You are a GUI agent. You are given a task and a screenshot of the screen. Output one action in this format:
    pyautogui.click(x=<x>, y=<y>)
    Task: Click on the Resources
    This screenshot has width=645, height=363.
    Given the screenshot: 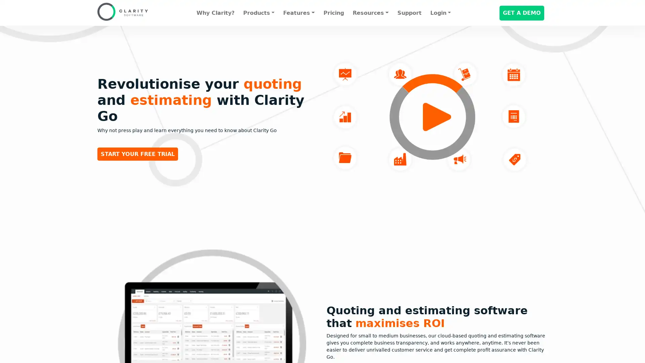 What is the action you would take?
    pyautogui.click(x=370, y=13)
    